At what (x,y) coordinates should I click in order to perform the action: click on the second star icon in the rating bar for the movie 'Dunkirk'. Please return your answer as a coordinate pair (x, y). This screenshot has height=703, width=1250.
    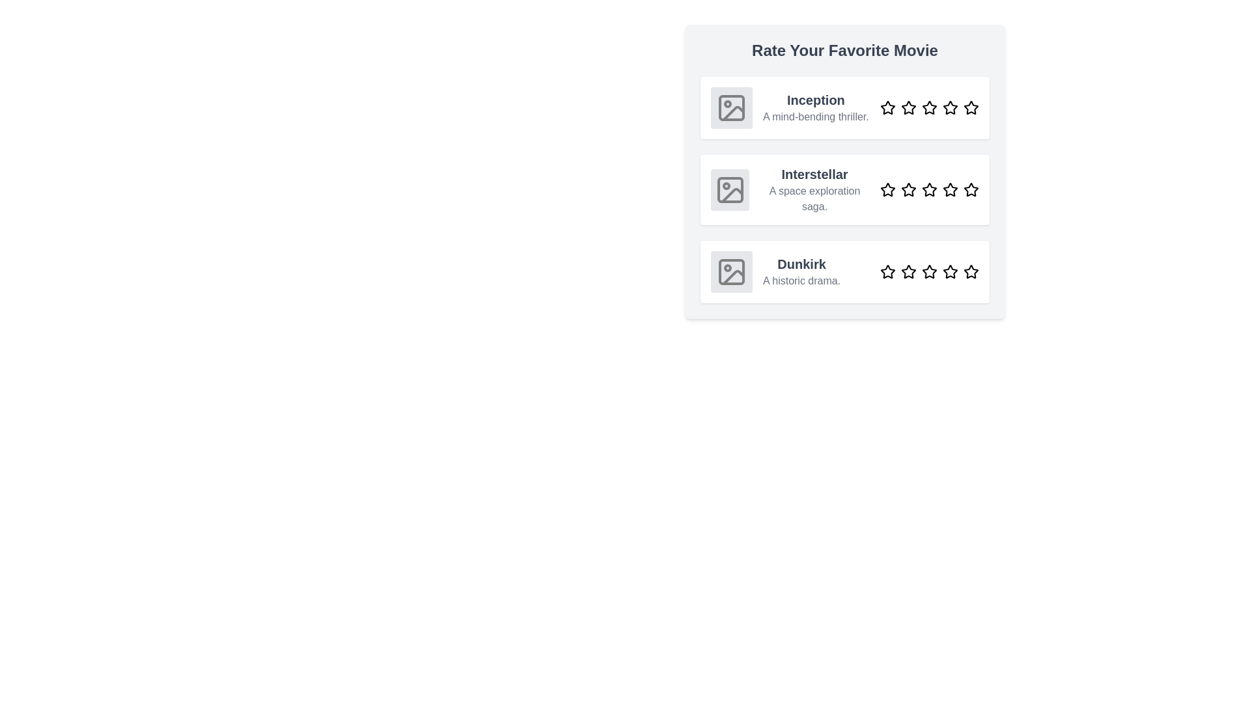
    Looking at the image, I should click on (908, 271).